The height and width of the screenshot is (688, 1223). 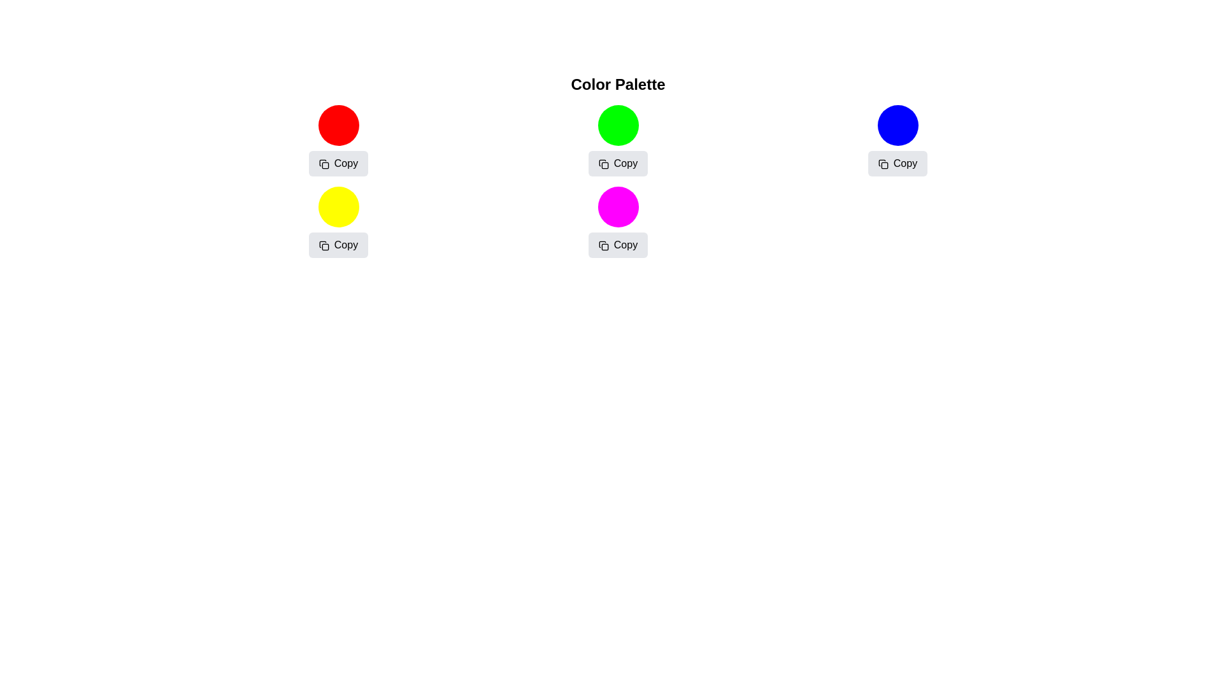 What do you see at coordinates (338, 245) in the screenshot?
I see `the 'Copy' button, which is a rounded rectangular button with a light gray background and a black icon of overlapping squares, located near the center-left area of the interface` at bounding box center [338, 245].